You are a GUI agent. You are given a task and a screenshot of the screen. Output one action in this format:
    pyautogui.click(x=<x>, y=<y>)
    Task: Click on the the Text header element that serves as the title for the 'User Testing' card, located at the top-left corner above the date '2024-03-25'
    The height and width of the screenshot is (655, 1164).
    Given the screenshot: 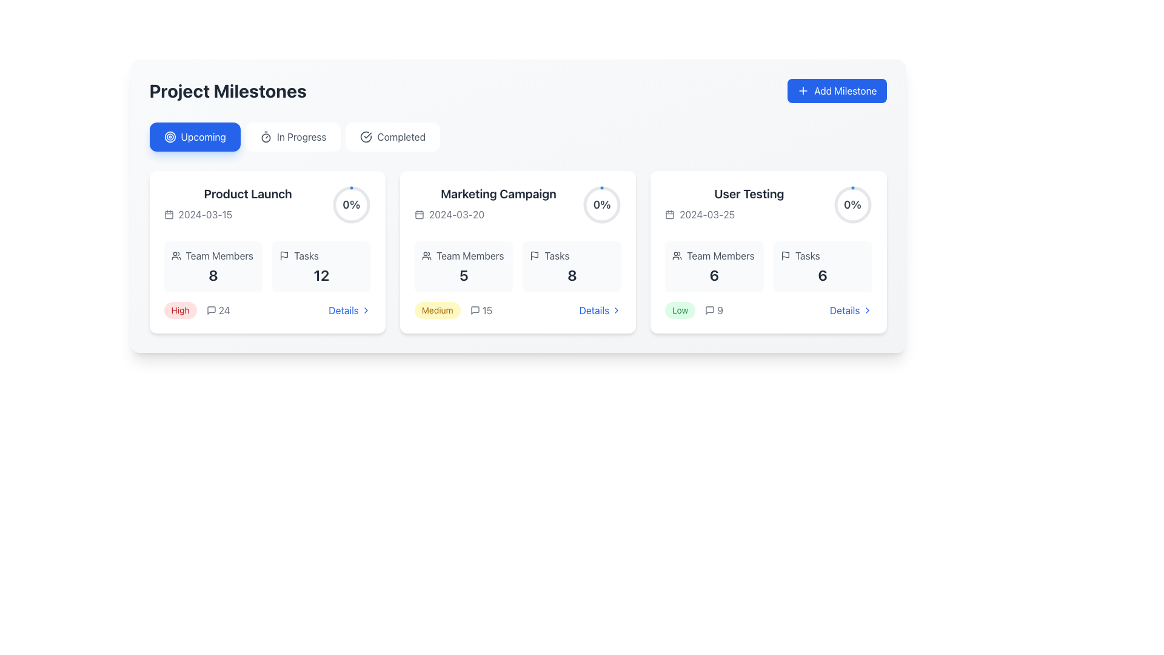 What is the action you would take?
    pyautogui.click(x=748, y=193)
    